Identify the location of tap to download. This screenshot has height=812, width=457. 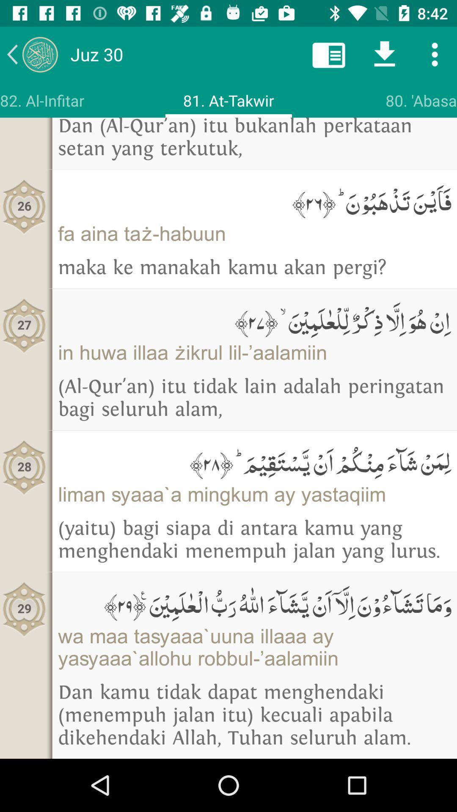
(385, 54).